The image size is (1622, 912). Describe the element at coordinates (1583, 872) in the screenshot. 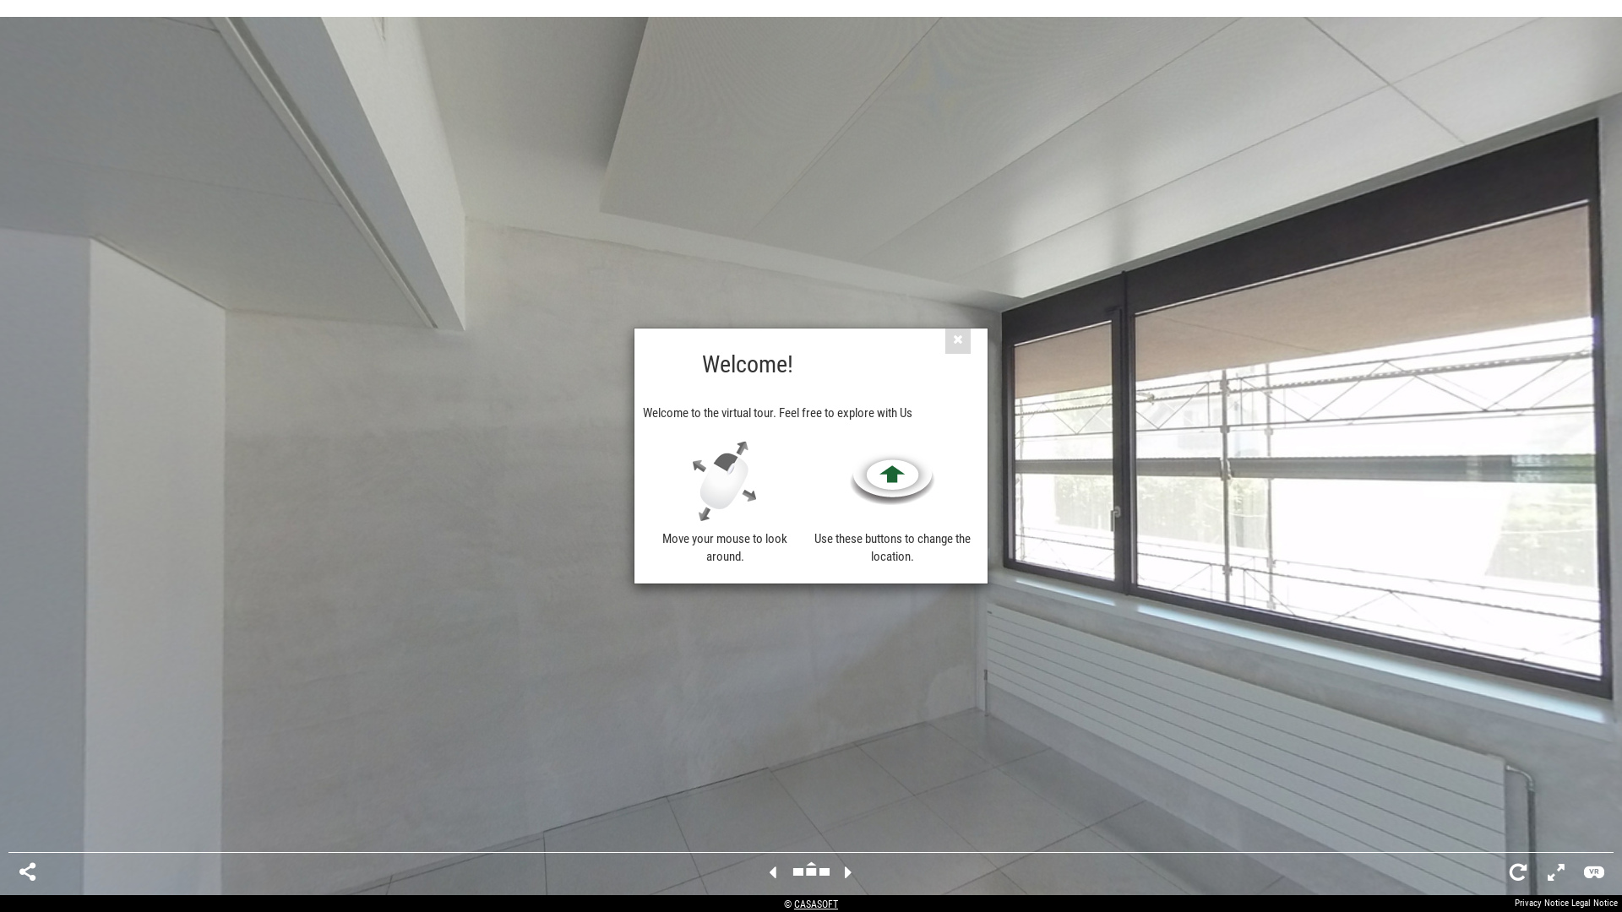

I see `'Virtual Reality Mode'` at that location.